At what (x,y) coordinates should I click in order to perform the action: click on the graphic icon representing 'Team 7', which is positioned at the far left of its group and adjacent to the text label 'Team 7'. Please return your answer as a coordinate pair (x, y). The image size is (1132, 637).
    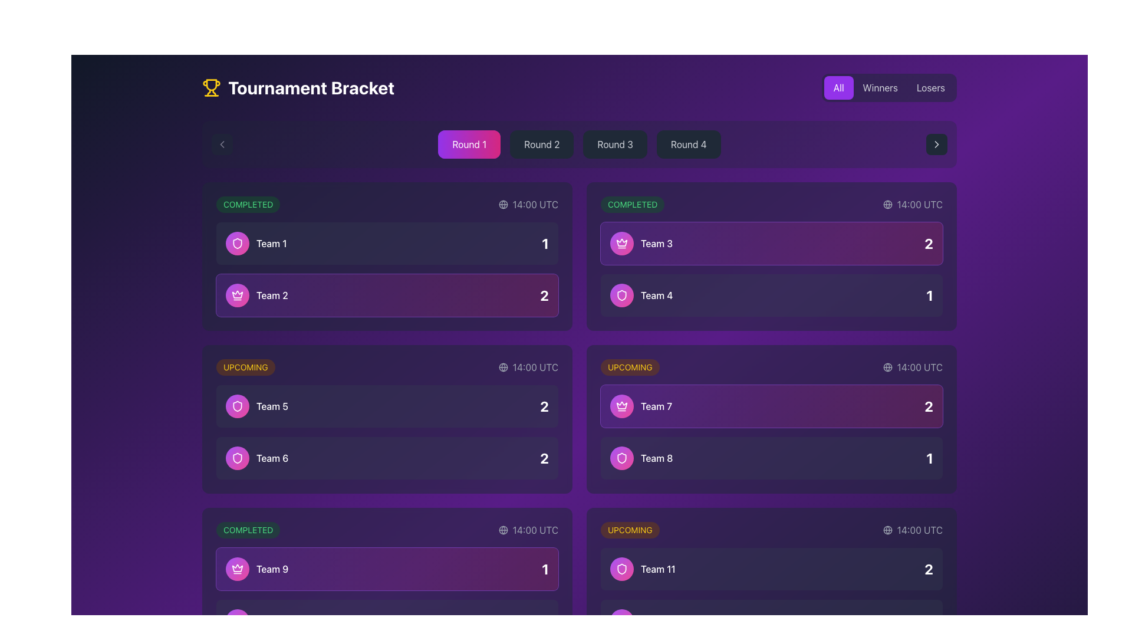
    Looking at the image, I should click on (621, 406).